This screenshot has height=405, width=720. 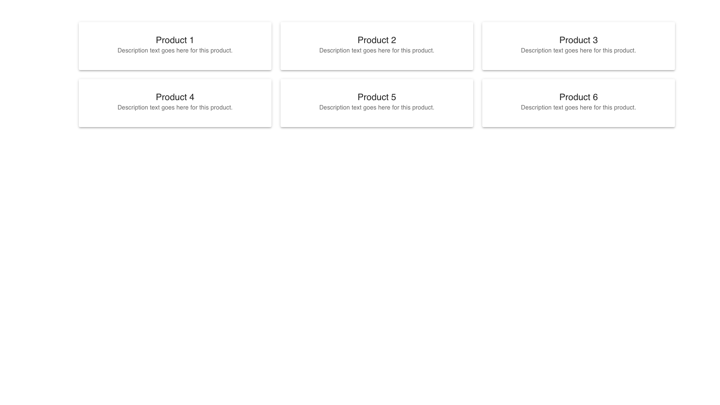 I want to click on the product title text block located in the top-left card of the grid layout, so click(x=174, y=40).